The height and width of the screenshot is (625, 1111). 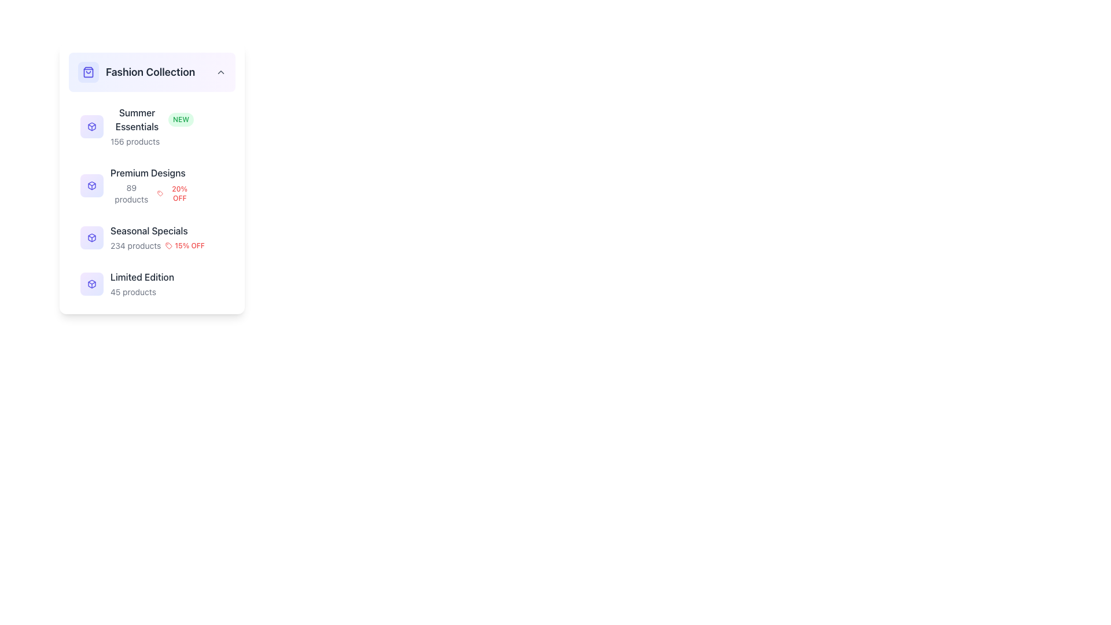 What do you see at coordinates (185, 245) in the screenshot?
I see `the promotional offer label indicating a 15% discount located in the 'Seasonal Specials' section, positioned below '234 products' and to the right of the red tag icon` at bounding box center [185, 245].